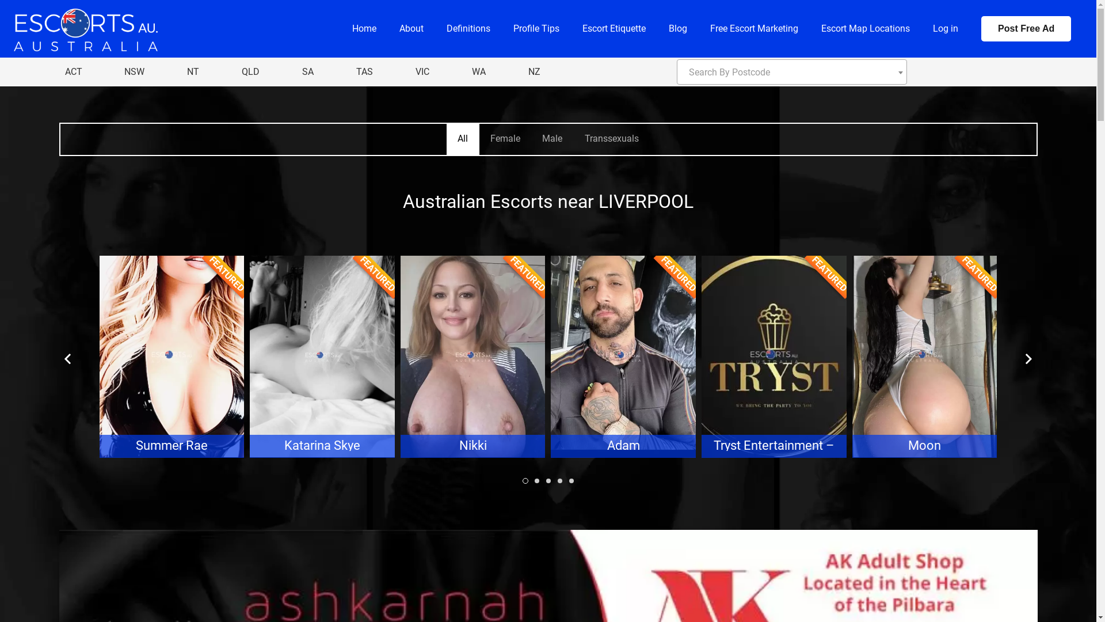 The height and width of the screenshot is (622, 1105). What do you see at coordinates (72, 71) in the screenshot?
I see `'ACT'` at bounding box center [72, 71].